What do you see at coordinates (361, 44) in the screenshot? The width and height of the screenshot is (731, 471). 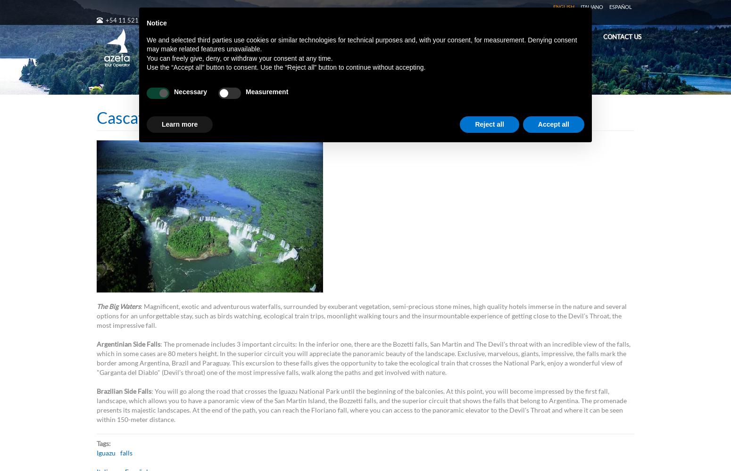 I see `'We and selected third parties use cookies or similar technologies for technical purposes and, with your consent, for measurement. Denying consent may make related features unavailable.'` at bounding box center [361, 44].